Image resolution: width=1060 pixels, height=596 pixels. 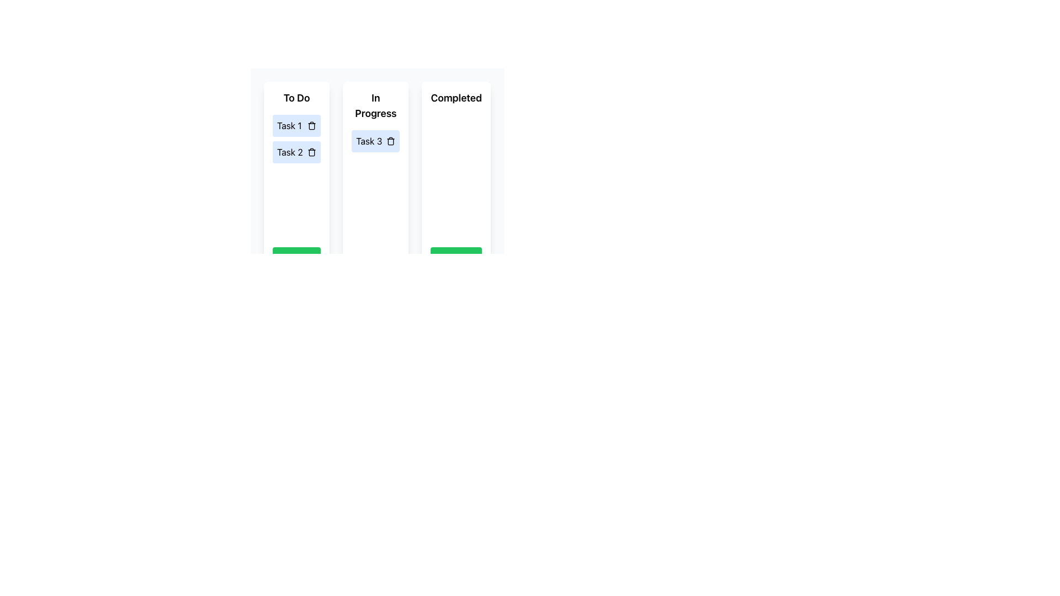 What do you see at coordinates (296, 264) in the screenshot?
I see `the 'Add Task' button located at the bottom of the 'To Do' section to observe any hover effects` at bounding box center [296, 264].